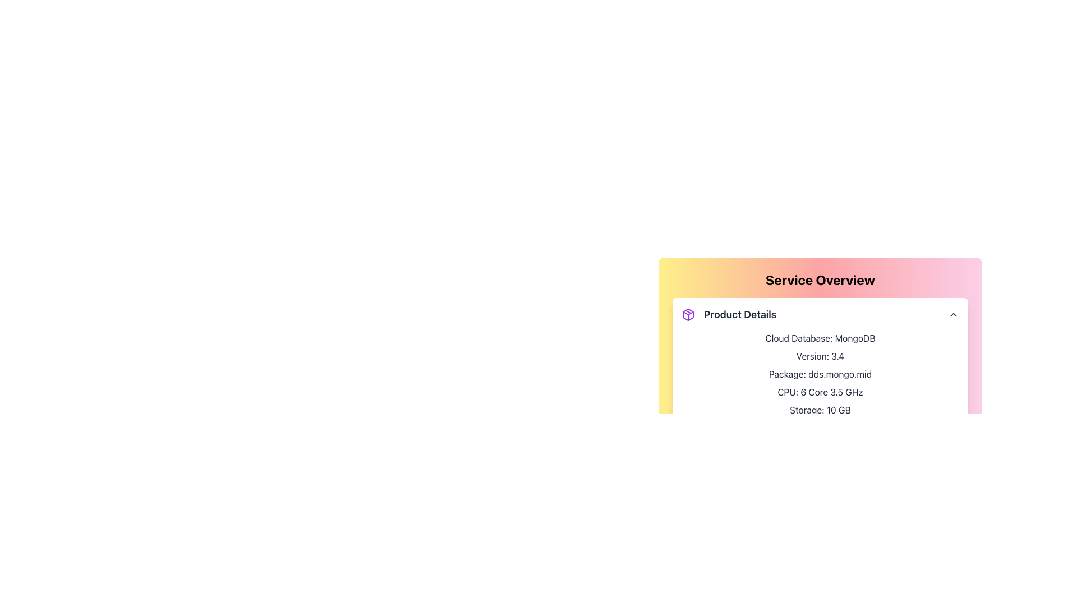 This screenshot has width=1077, height=606. What do you see at coordinates (952, 314) in the screenshot?
I see `the minimalist upward-pointing chevron arrow icon located to the right of the 'Product Details' text in the header section` at bounding box center [952, 314].